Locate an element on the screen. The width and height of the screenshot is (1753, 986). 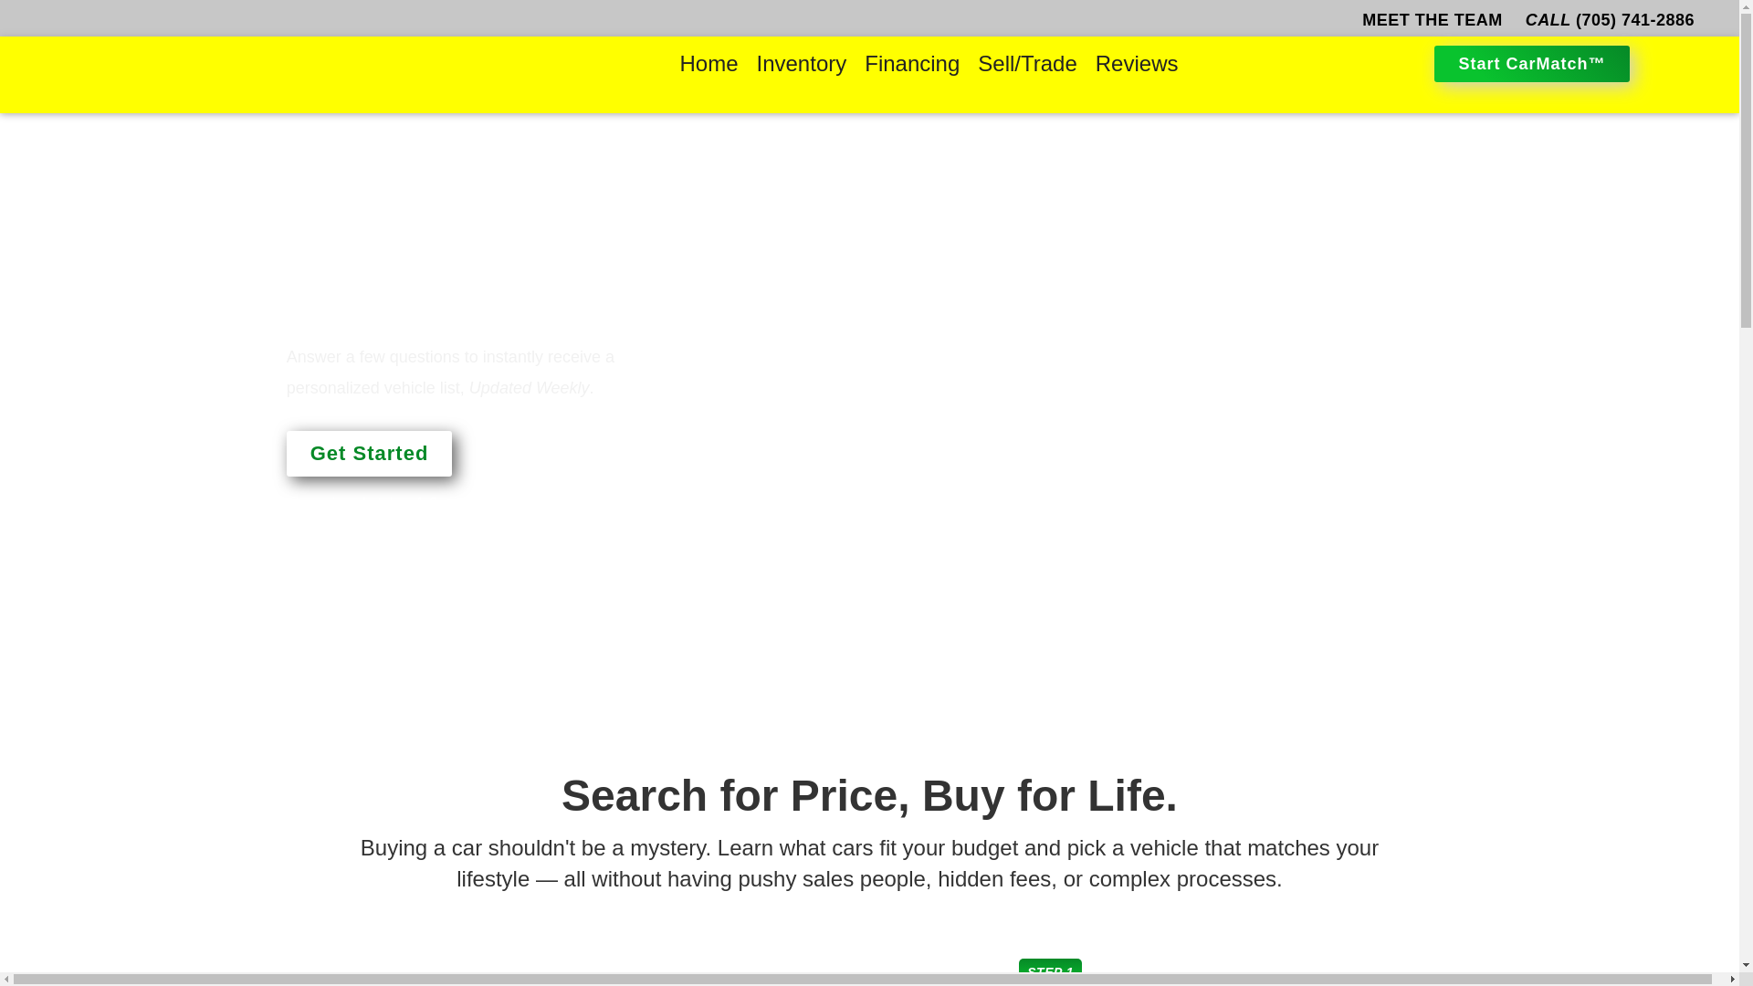
'Financing' is located at coordinates (854, 62).